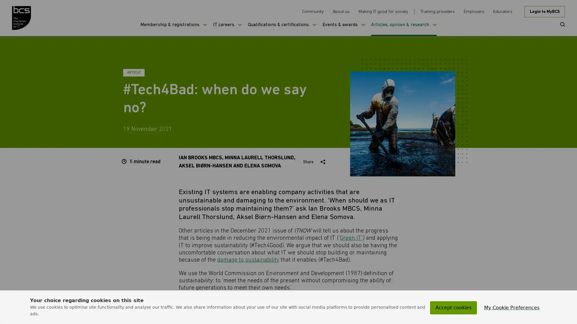  Describe the element at coordinates (547, 304) in the screenshot. I see `Close Cookie Control` at that location.